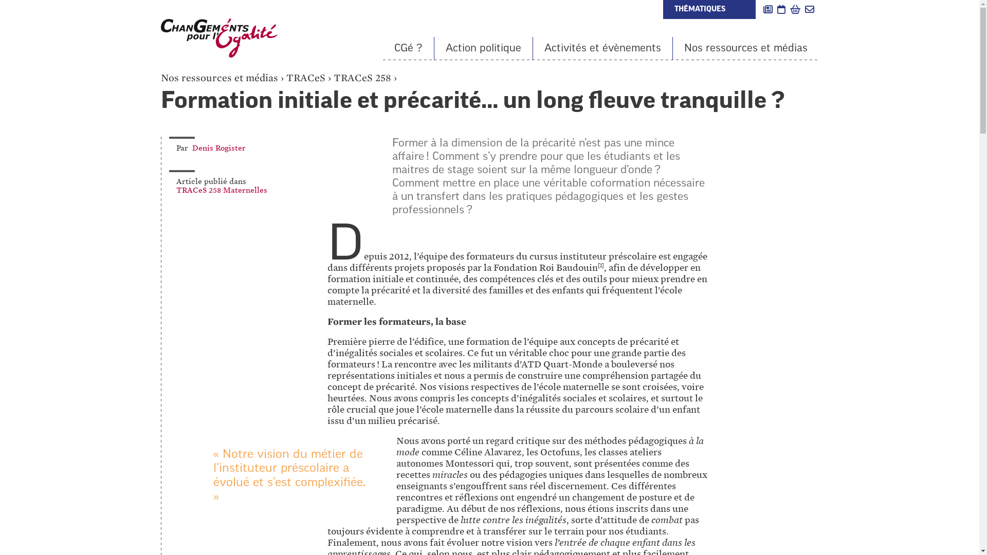 The height and width of the screenshot is (555, 987). I want to click on 'TRACeS 258 Maternelles', so click(175, 190).